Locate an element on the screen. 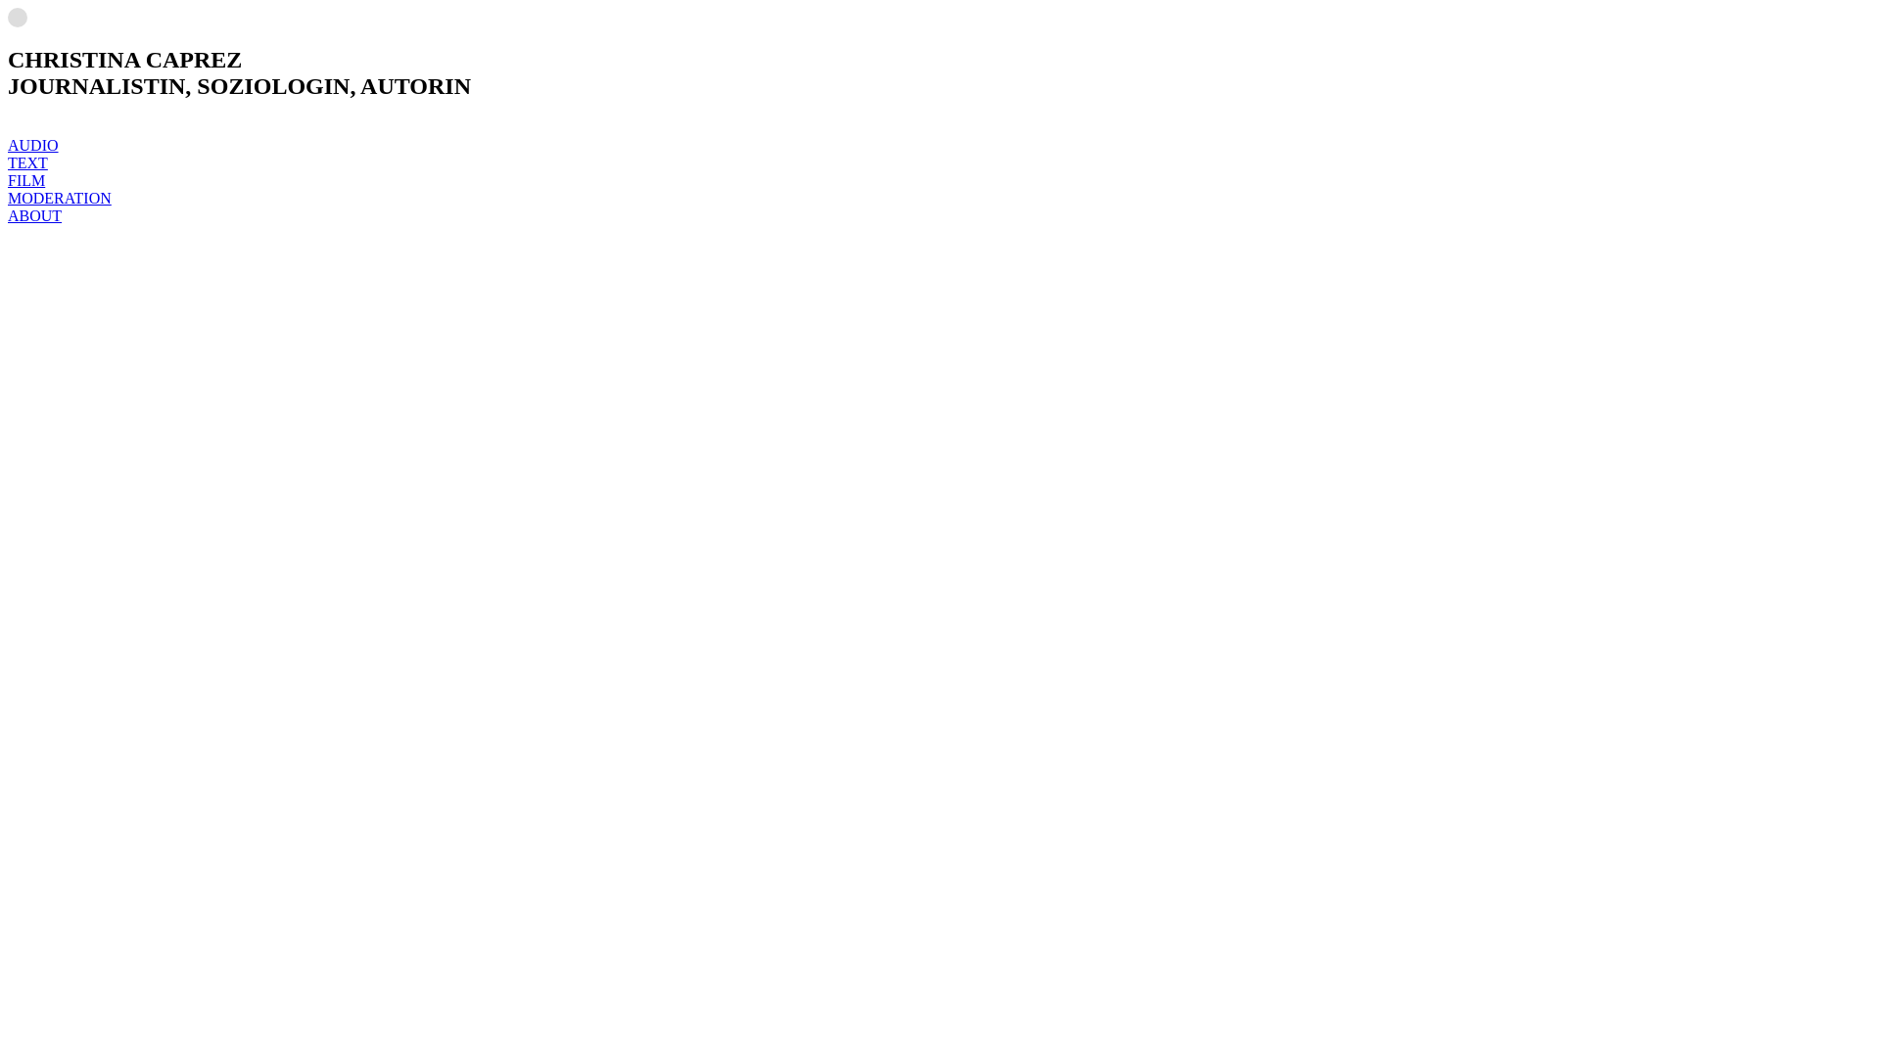  'AUDIO' is located at coordinates (32, 144).